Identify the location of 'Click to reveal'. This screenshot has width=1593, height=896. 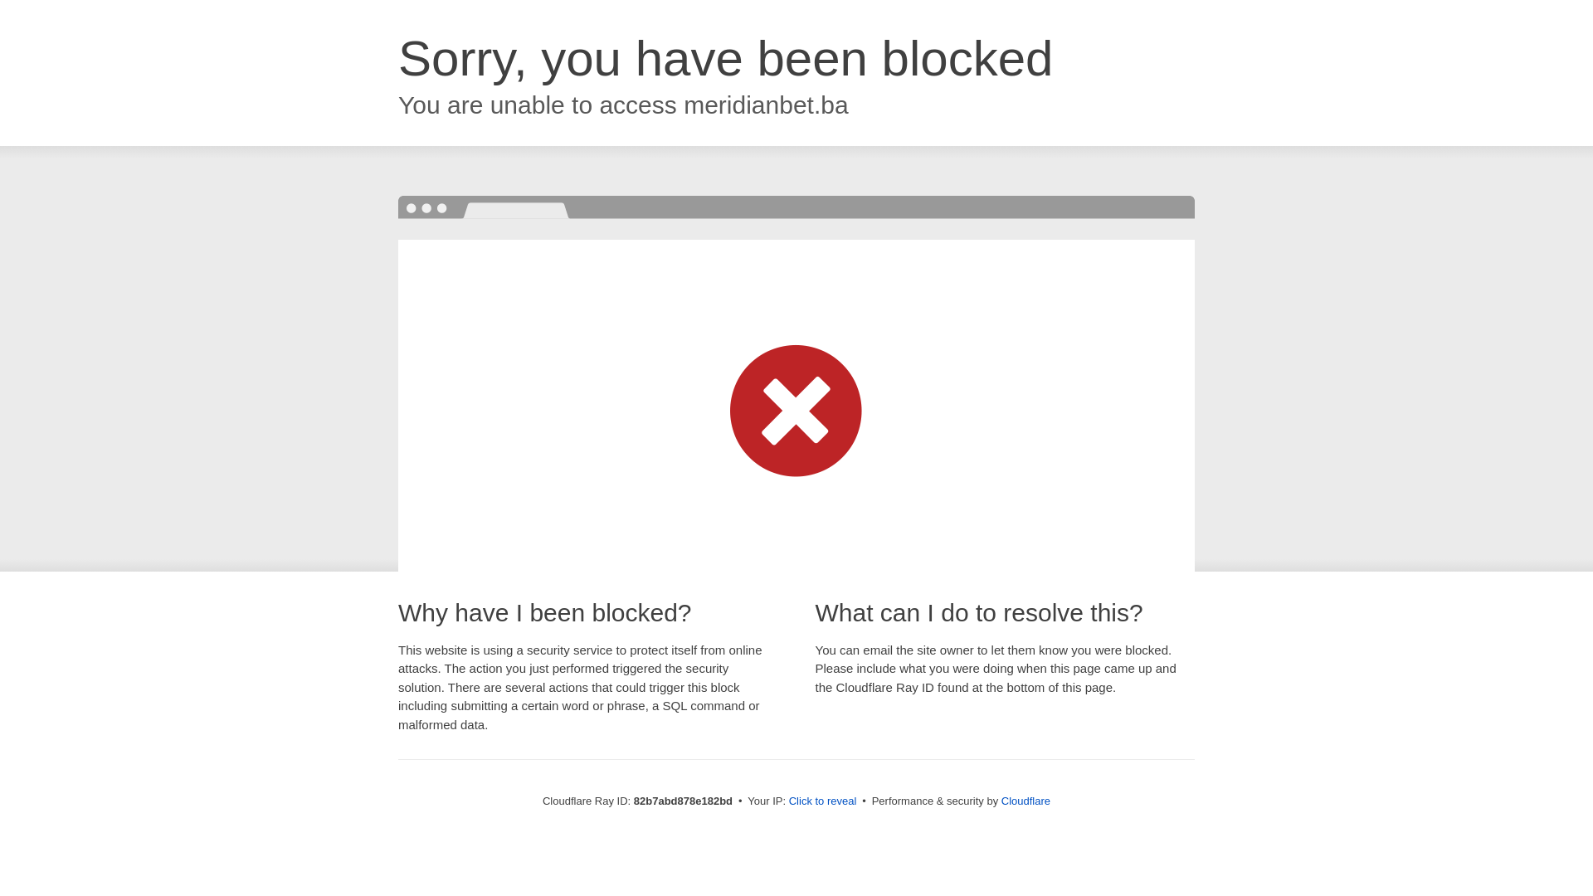
(823, 800).